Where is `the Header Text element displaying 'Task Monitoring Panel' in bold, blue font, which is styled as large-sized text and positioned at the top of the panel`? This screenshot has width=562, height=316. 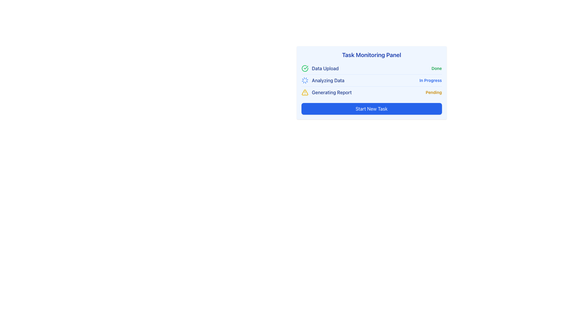 the Header Text element displaying 'Task Monitoring Panel' in bold, blue font, which is styled as large-sized text and positioned at the top of the panel is located at coordinates (371, 55).